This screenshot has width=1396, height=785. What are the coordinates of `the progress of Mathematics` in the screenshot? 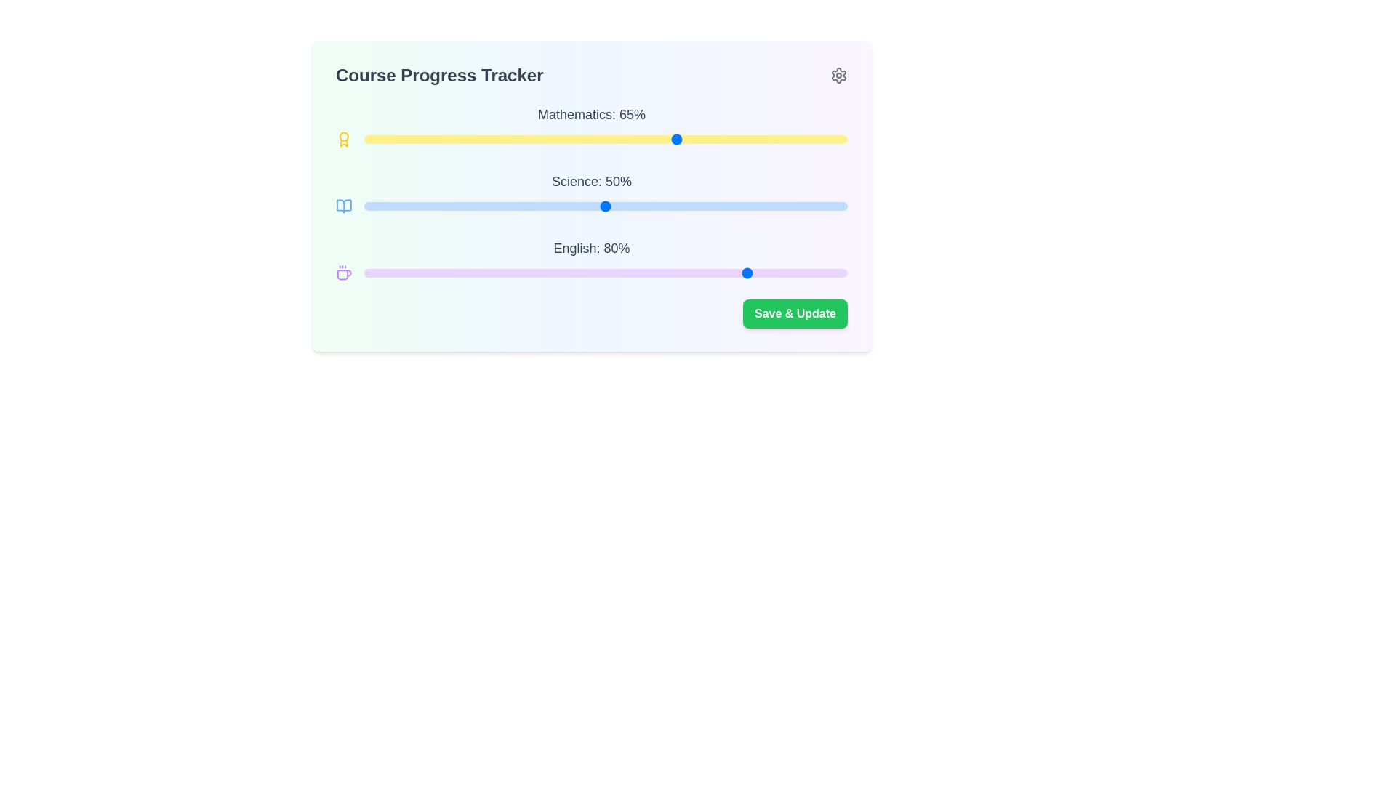 It's located at (828, 140).